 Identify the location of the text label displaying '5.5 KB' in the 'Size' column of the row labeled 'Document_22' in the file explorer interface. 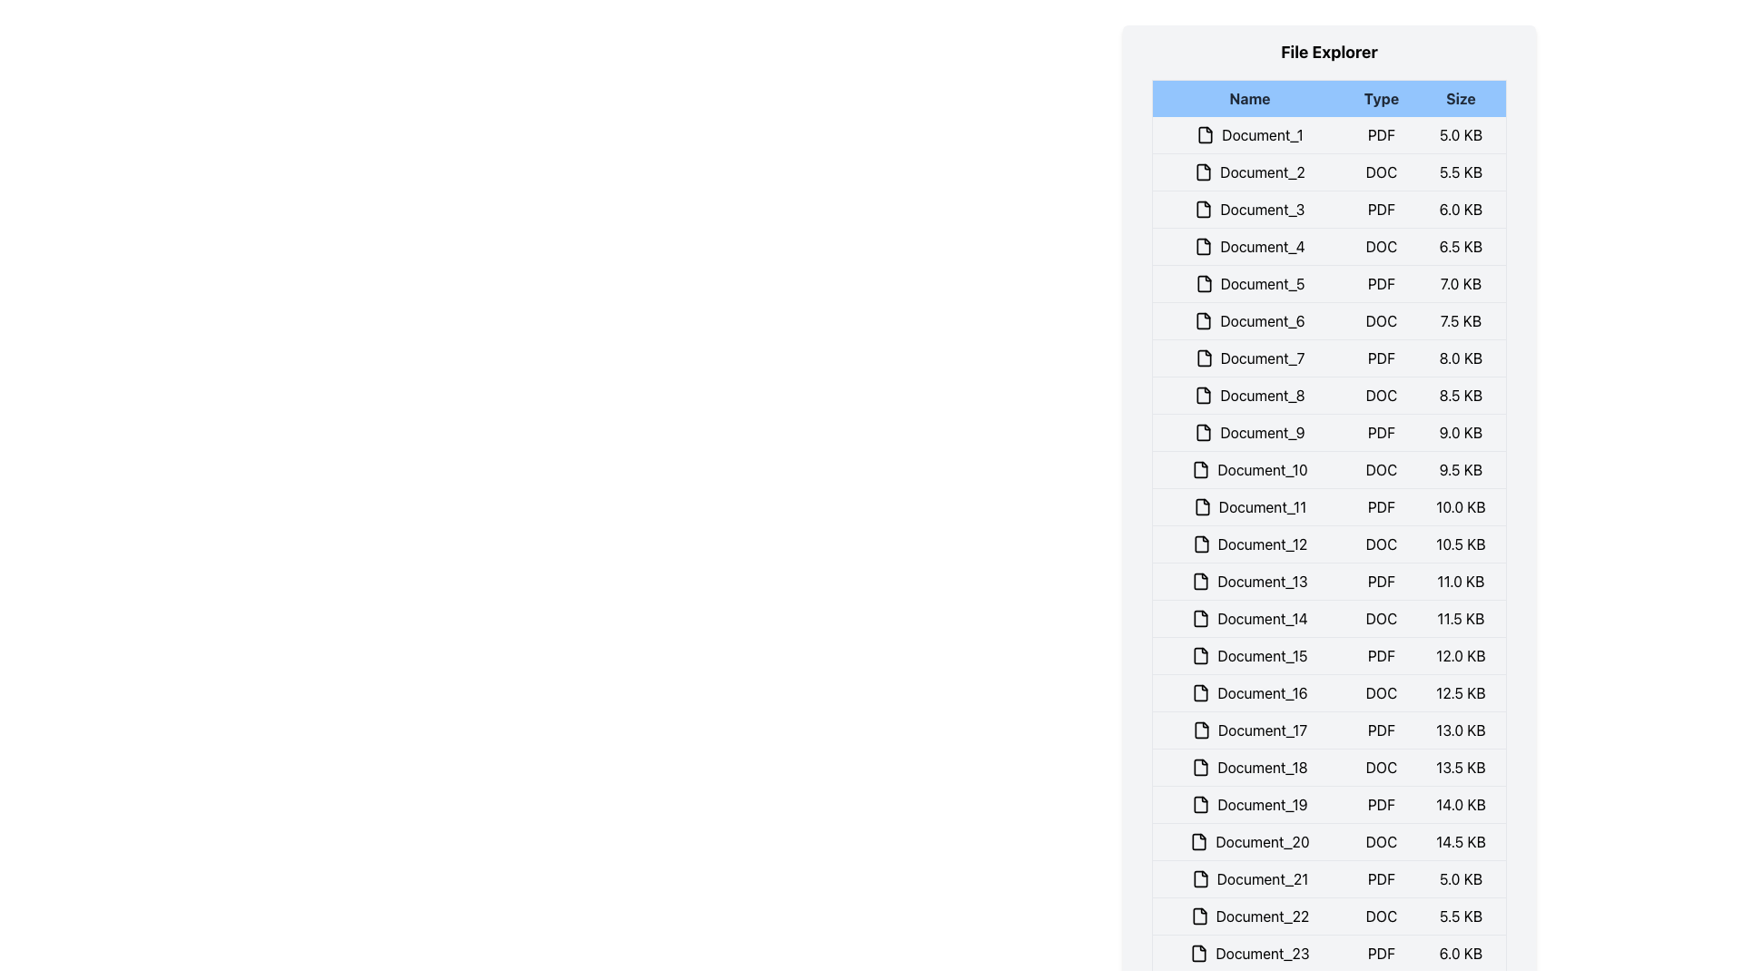
(1461, 916).